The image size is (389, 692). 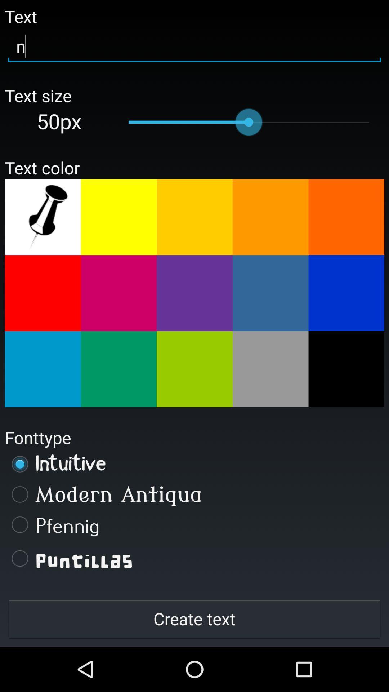 I want to click on yellow, so click(x=118, y=217).